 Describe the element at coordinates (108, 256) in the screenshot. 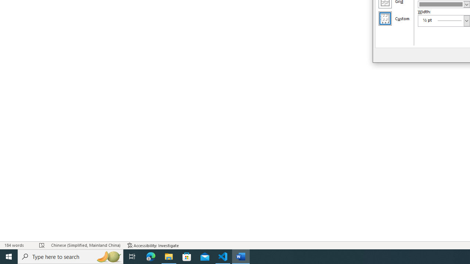

I see `'Search highlights icon opens search home window'` at that location.